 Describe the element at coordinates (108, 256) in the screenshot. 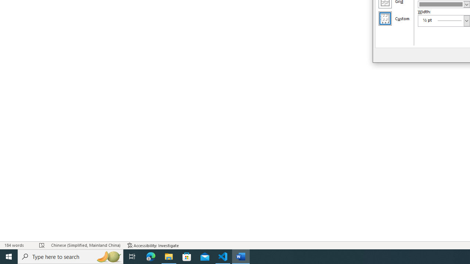

I see `'Search highlights icon opens search home window'` at that location.